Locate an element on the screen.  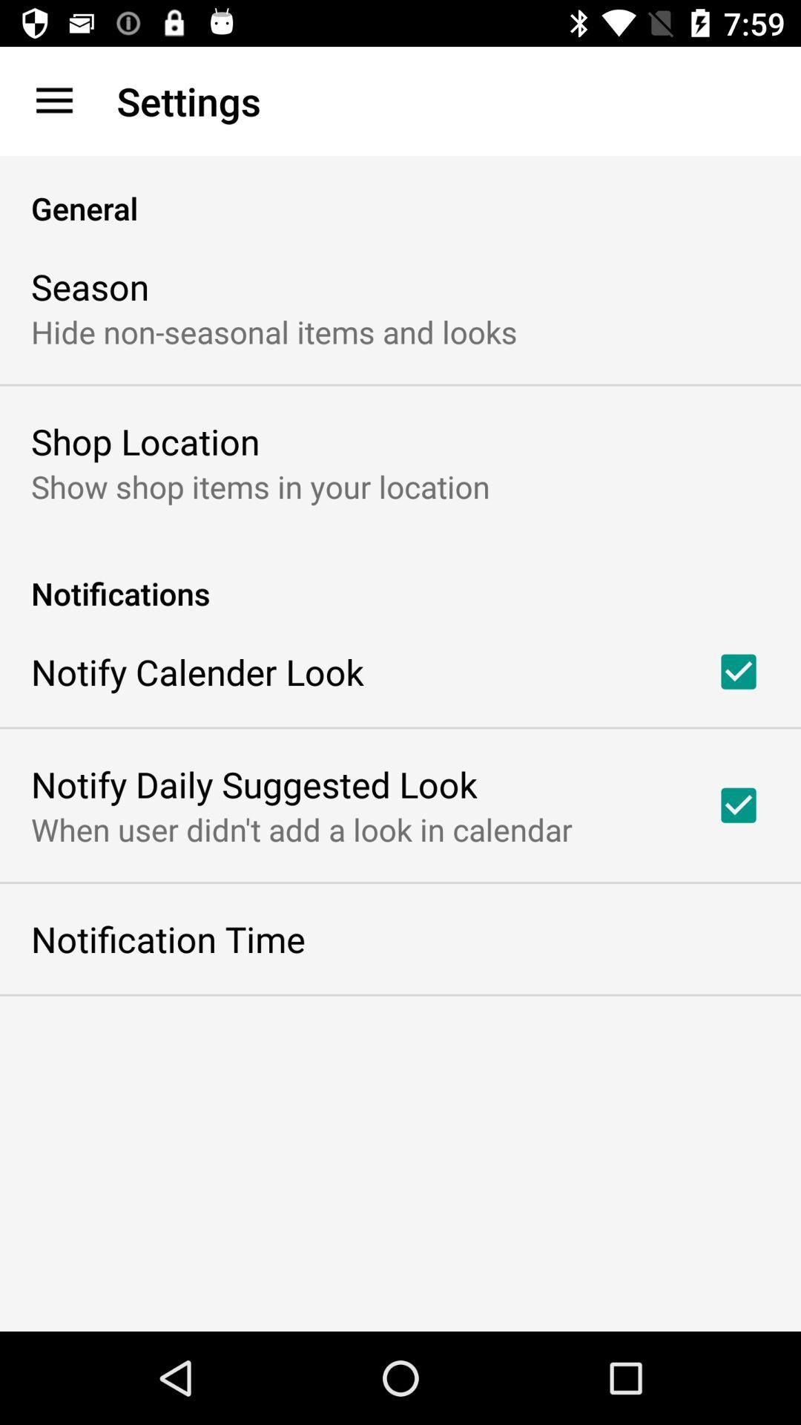
notify daily suggested is located at coordinates (253, 783).